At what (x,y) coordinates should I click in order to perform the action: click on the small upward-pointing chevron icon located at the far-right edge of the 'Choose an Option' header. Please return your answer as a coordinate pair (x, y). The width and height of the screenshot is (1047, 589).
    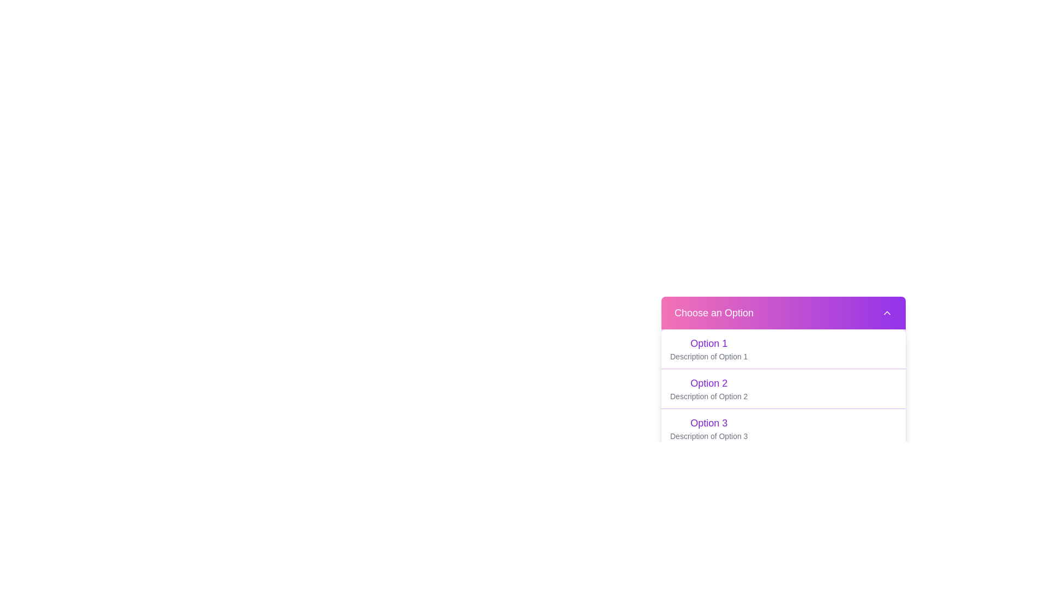
    Looking at the image, I should click on (887, 313).